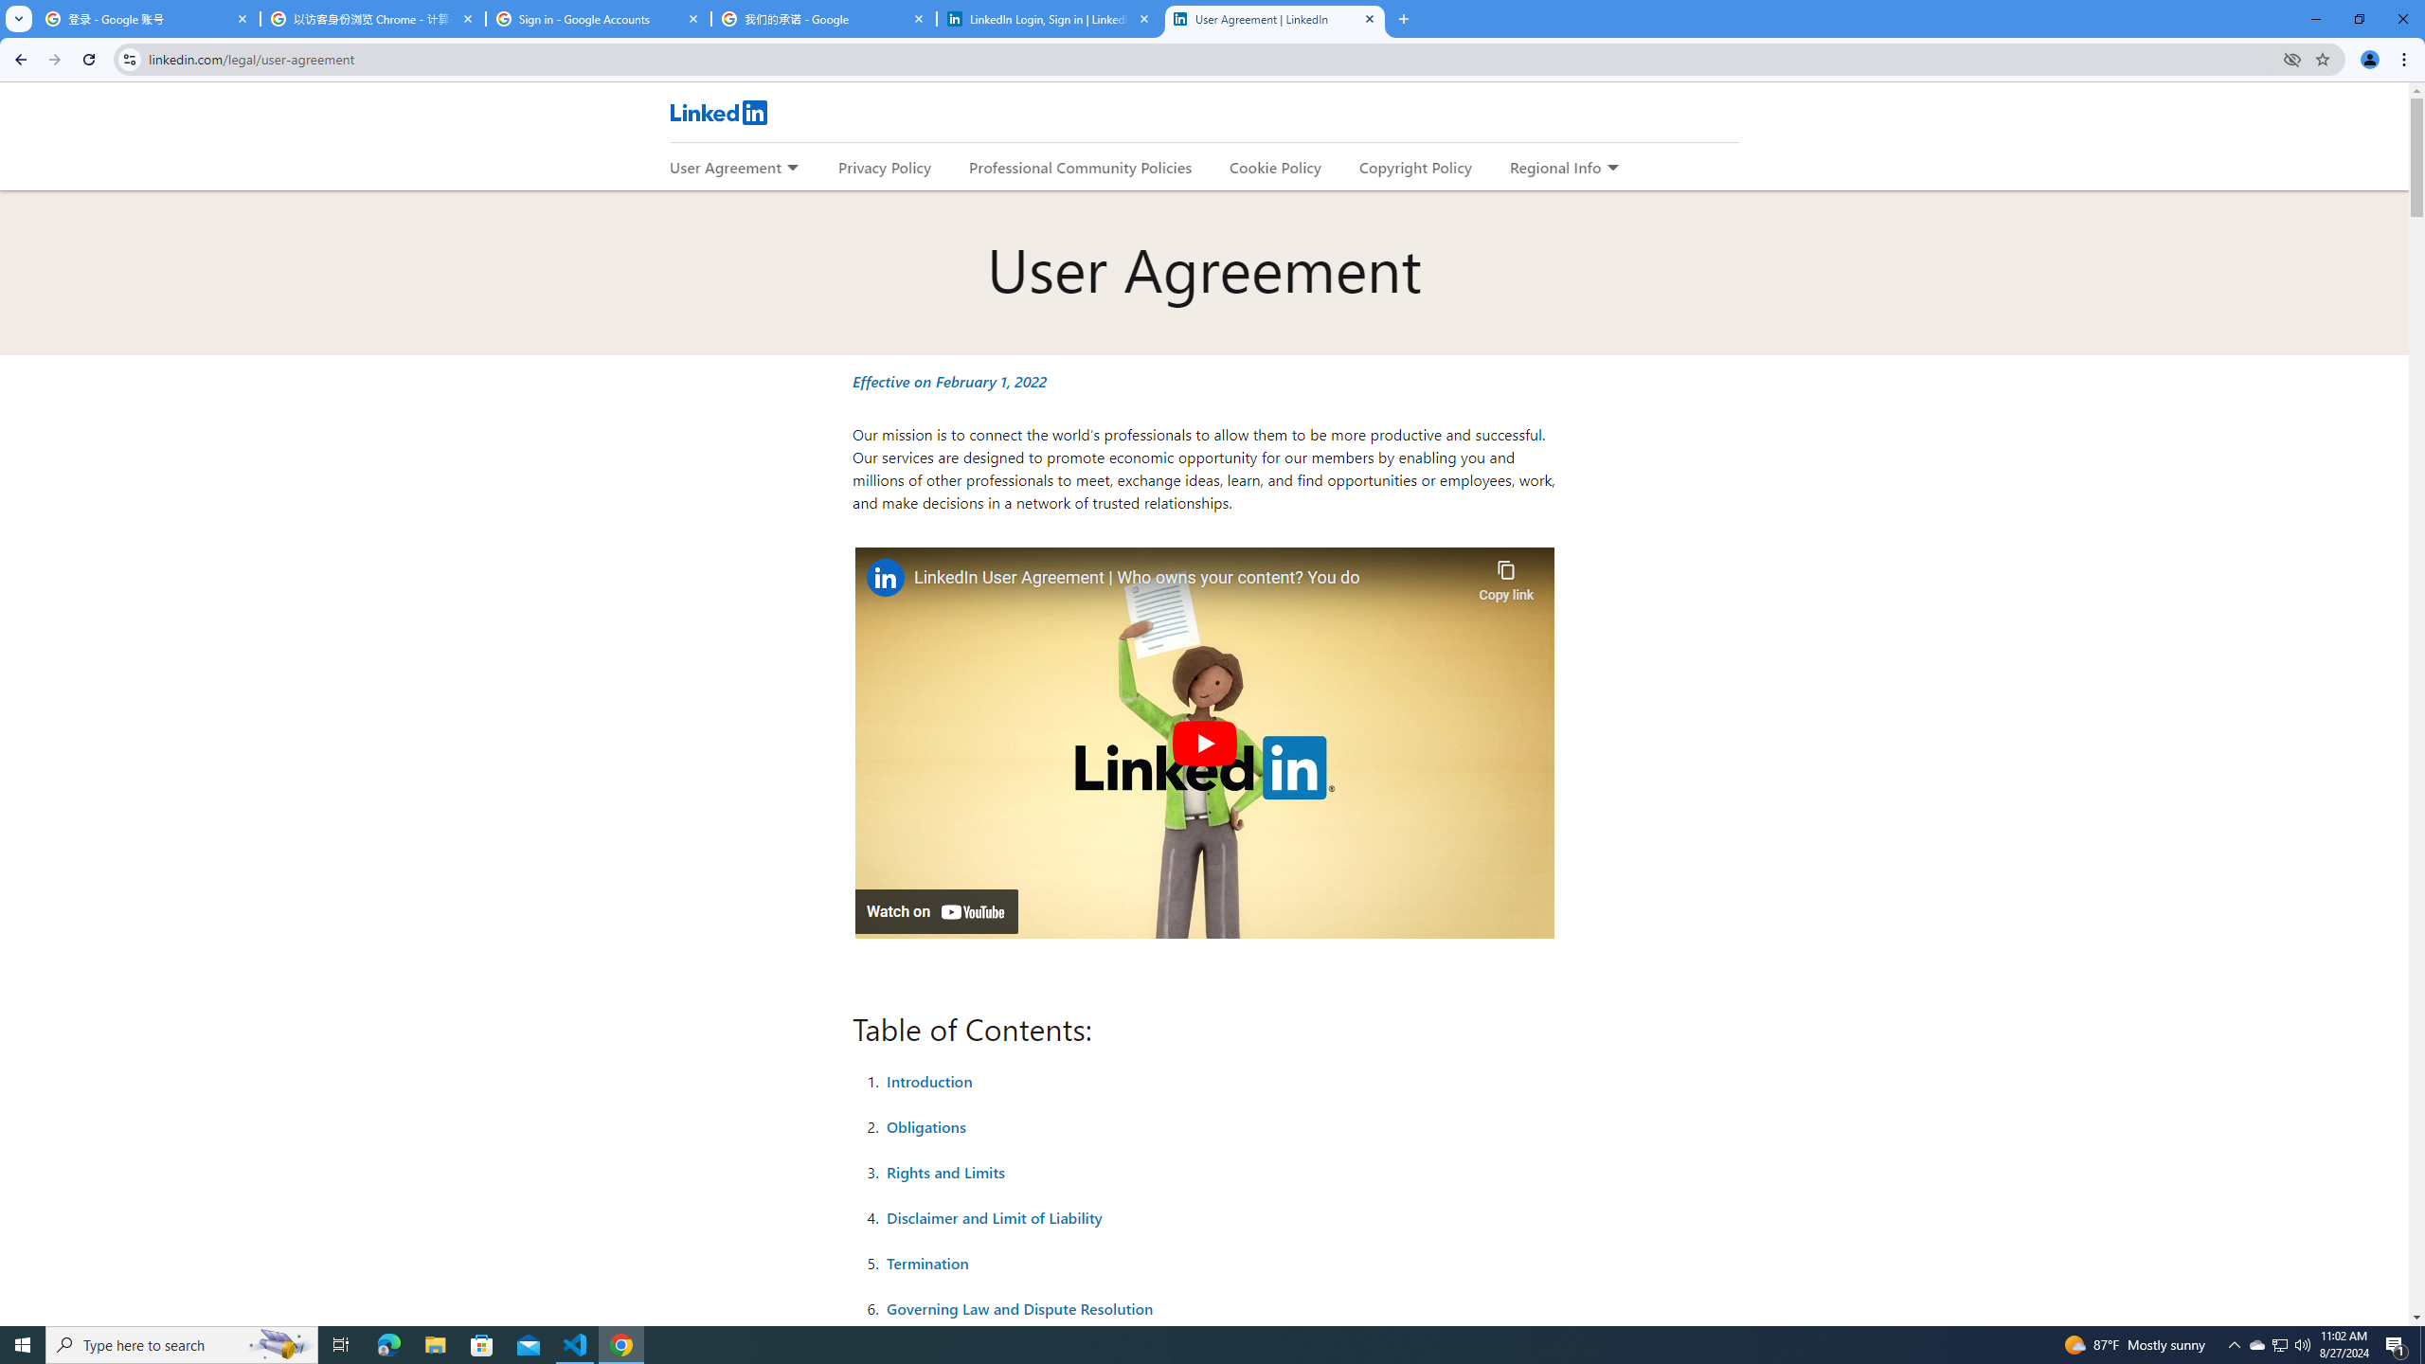 The image size is (2425, 1364). What do you see at coordinates (1274, 18) in the screenshot?
I see `'User Agreement | LinkedIn'` at bounding box center [1274, 18].